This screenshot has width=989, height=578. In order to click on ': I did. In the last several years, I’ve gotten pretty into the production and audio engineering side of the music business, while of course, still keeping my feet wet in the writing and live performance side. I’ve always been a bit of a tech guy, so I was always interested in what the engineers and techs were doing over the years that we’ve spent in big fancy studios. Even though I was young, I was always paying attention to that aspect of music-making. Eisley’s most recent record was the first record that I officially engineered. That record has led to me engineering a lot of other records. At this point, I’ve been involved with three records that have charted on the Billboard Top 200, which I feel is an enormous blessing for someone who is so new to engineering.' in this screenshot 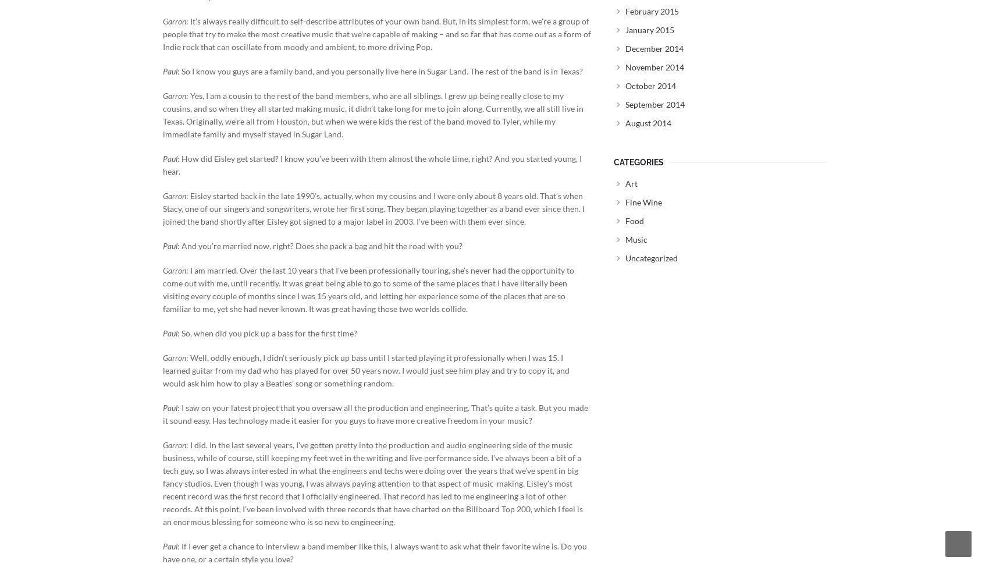, I will do `click(373, 483)`.